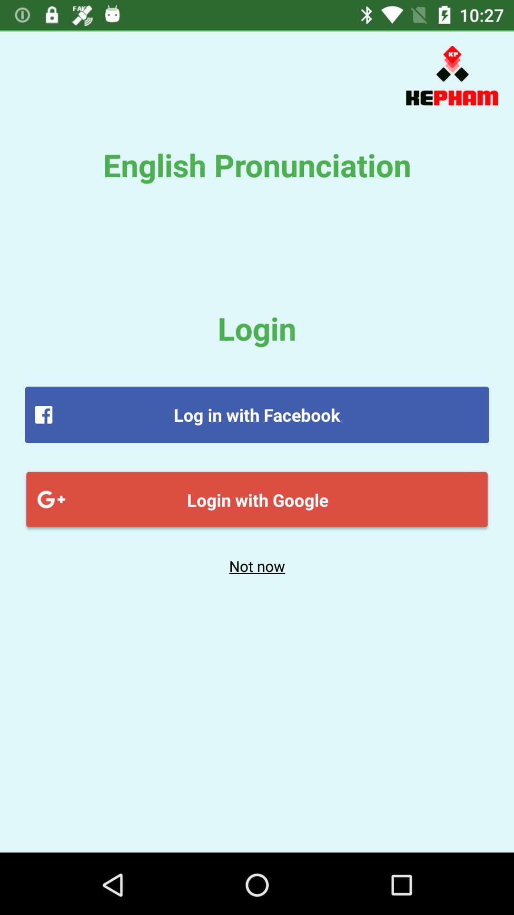 Image resolution: width=514 pixels, height=915 pixels. I want to click on the log in with, so click(257, 415).